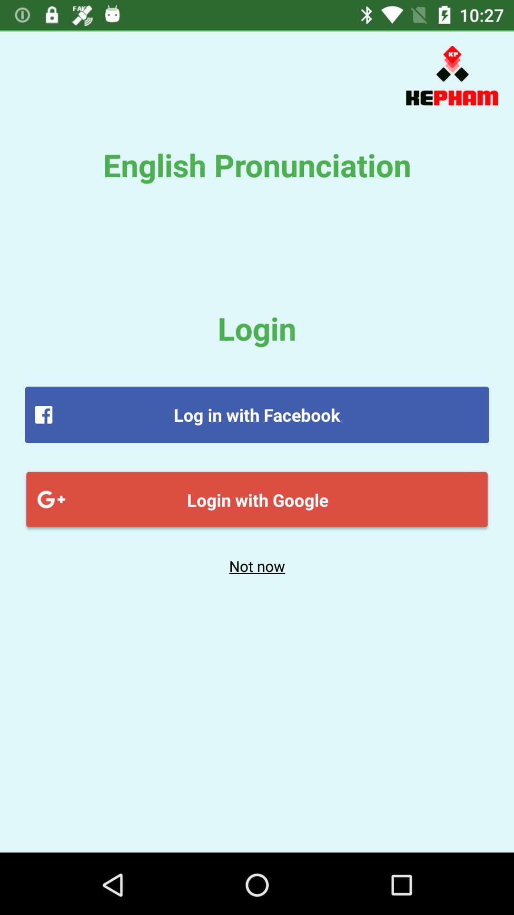 Image resolution: width=514 pixels, height=915 pixels. I want to click on the log in with, so click(257, 415).